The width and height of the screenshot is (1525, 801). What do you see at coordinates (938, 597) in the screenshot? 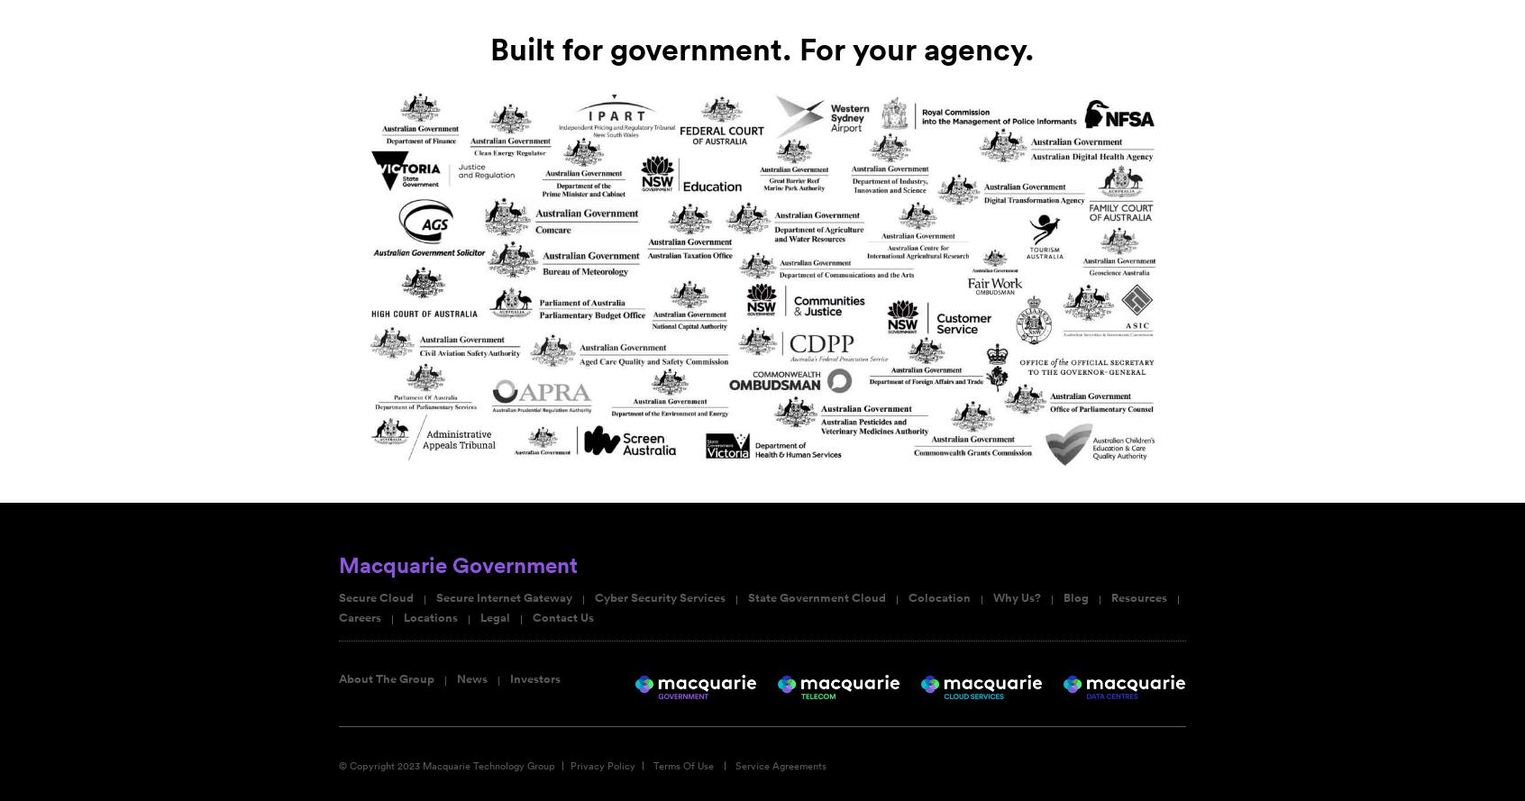
I see `'Colocation'` at bounding box center [938, 597].